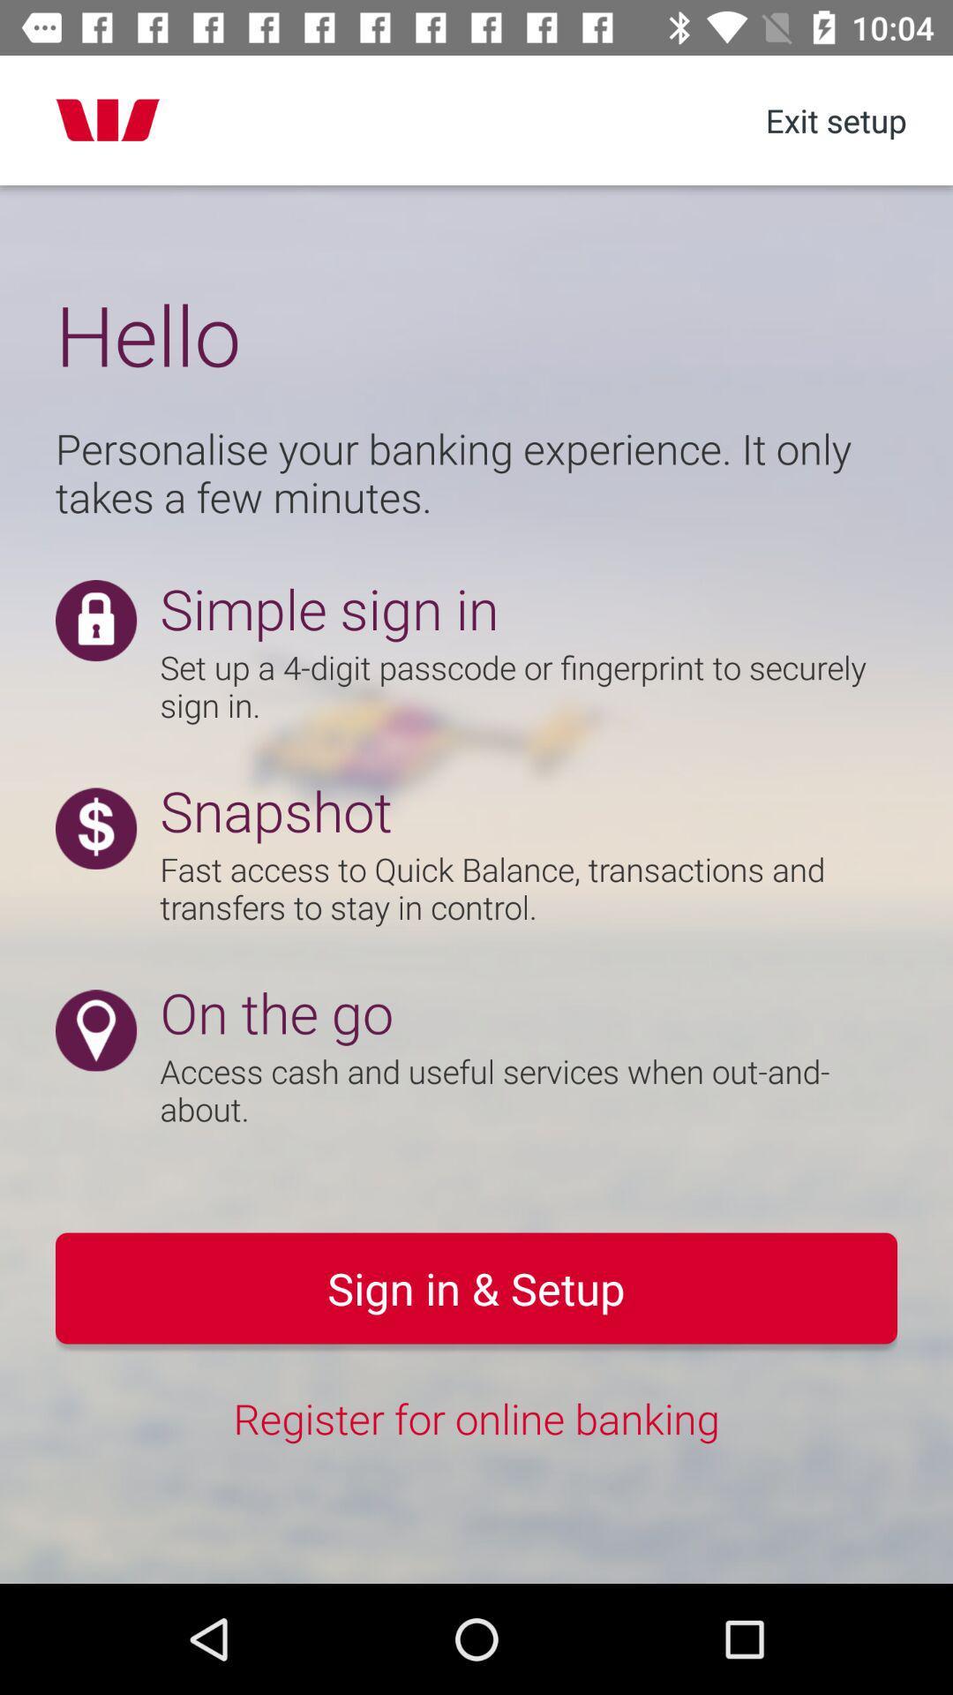  I want to click on red button at the bottom, so click(476, 1288).